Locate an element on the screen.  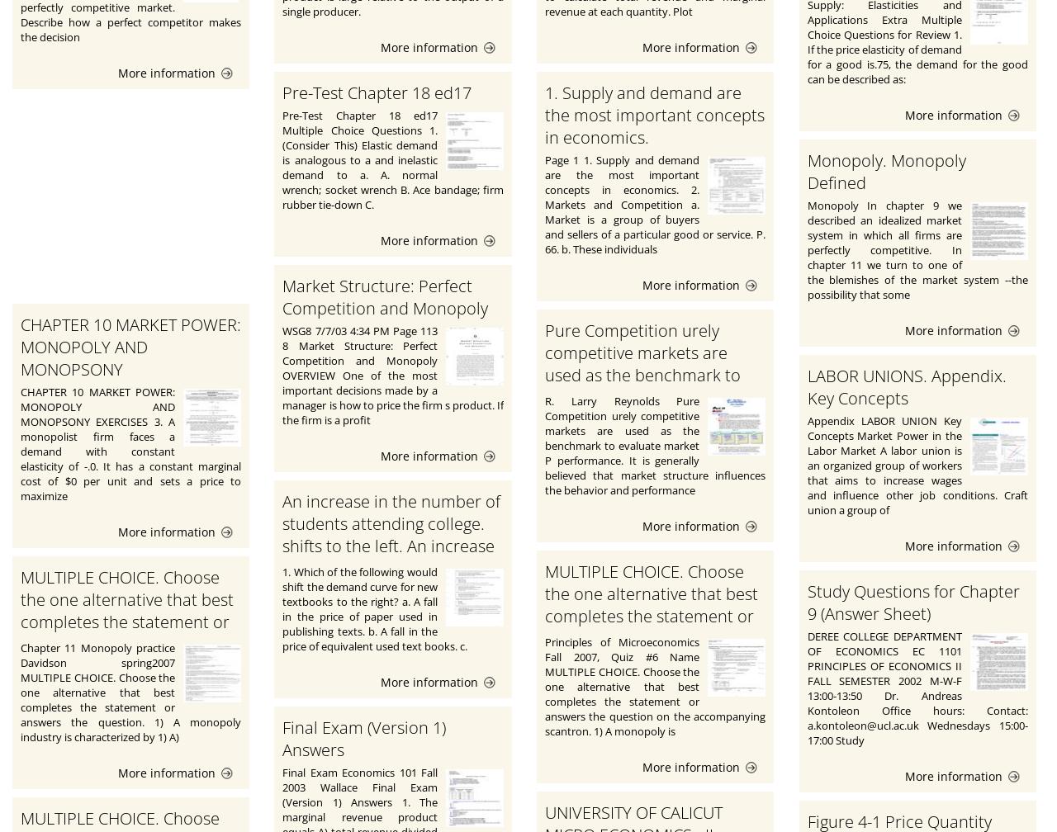
'CHAPTER 10 MARKET POWER: MONOPOLY AND MONOPSONY EXERCISES 3. A monopolist firm faces a demand with constant elasticity of -.0. It has a constant marginal cost of $0 per unit and sets a price to maximize' is located at coordinates (130, 443).